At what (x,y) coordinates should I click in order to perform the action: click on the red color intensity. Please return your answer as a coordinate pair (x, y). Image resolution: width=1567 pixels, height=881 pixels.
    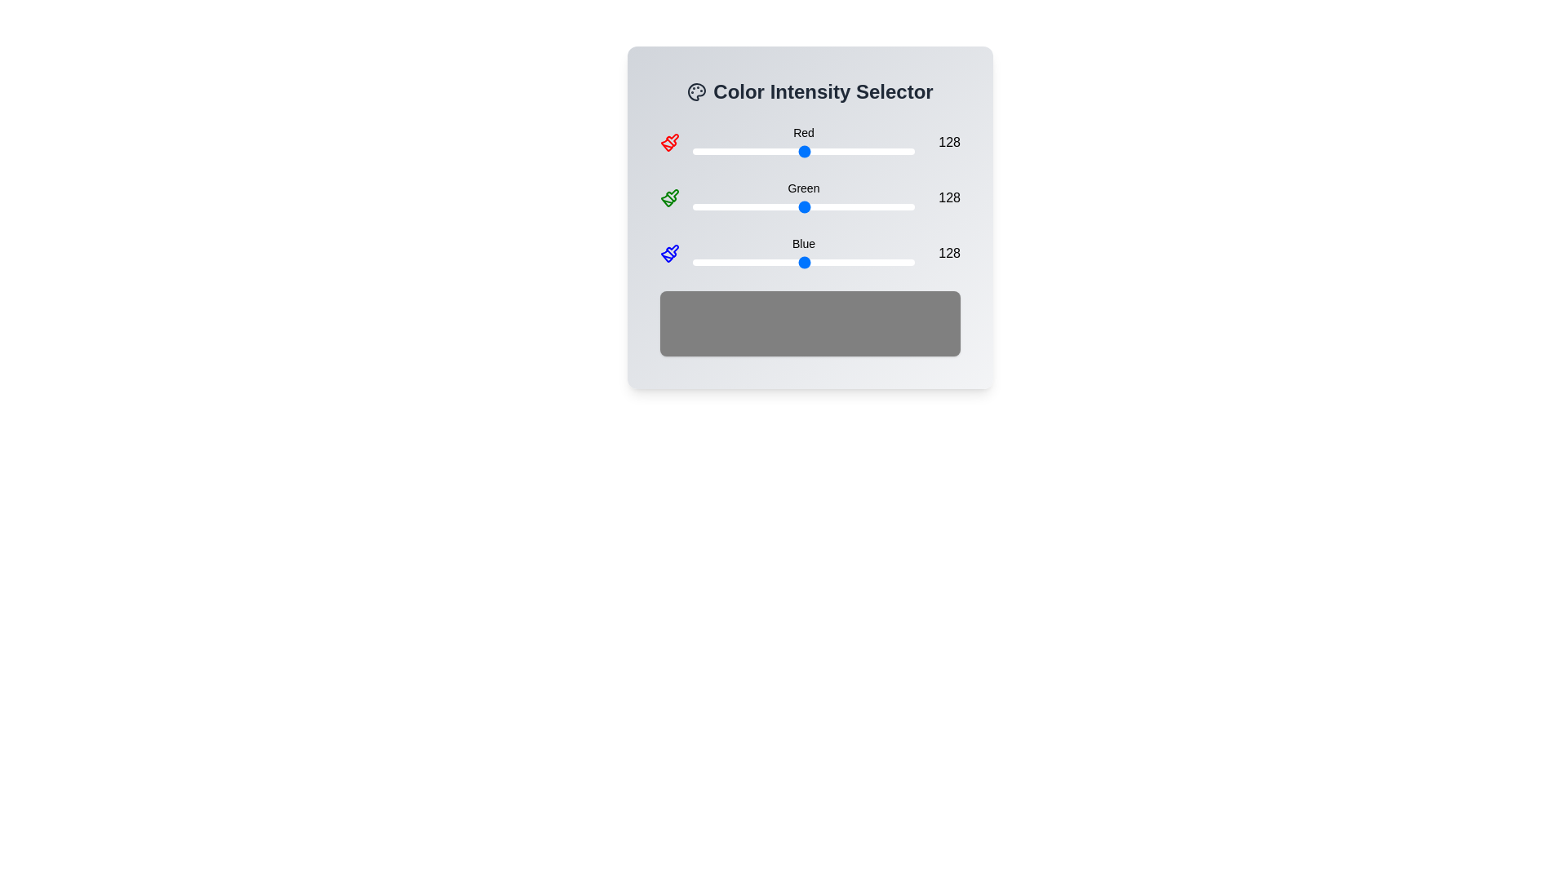
    Looking at the image, I should click on (848, 151).